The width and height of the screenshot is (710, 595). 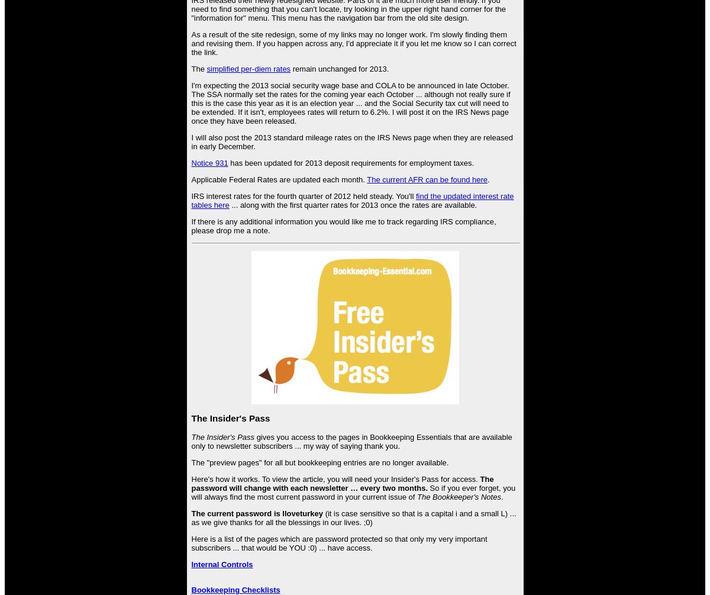 What do you see at coordinates (257, 512) in the screenshot?
I see `'The current password is Iloveturkey'` at bounding box center [257, 512].